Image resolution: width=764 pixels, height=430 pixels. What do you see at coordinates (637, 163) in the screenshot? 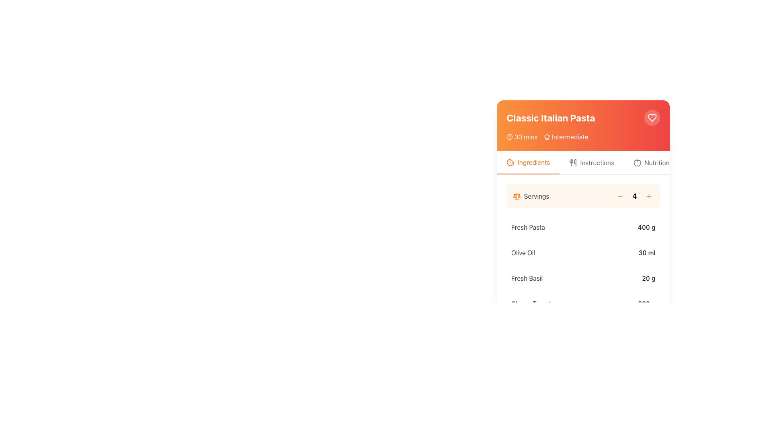
I see `the decorative or functional icon located at the center-right corner of the recipe details card, which is slightly above the section tabs like Ingredients, Instructions, and Nutrition` at bounding box center [637, 163].